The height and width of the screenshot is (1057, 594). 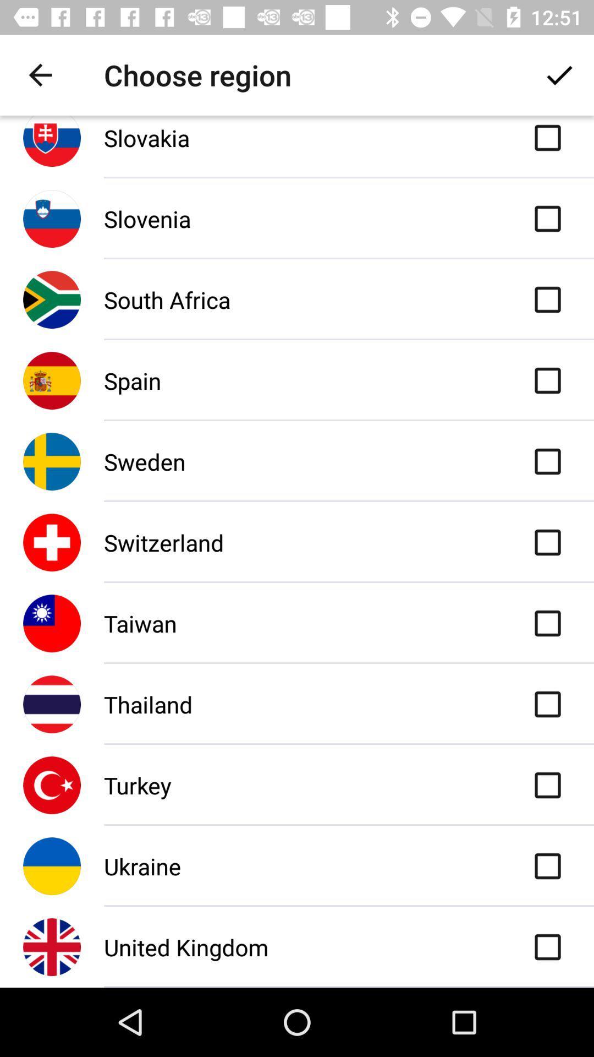 What do you see at coordinates (559, 74) in the screenshot?
I see `icon next to choose region item` at bounding box center [559, 74].